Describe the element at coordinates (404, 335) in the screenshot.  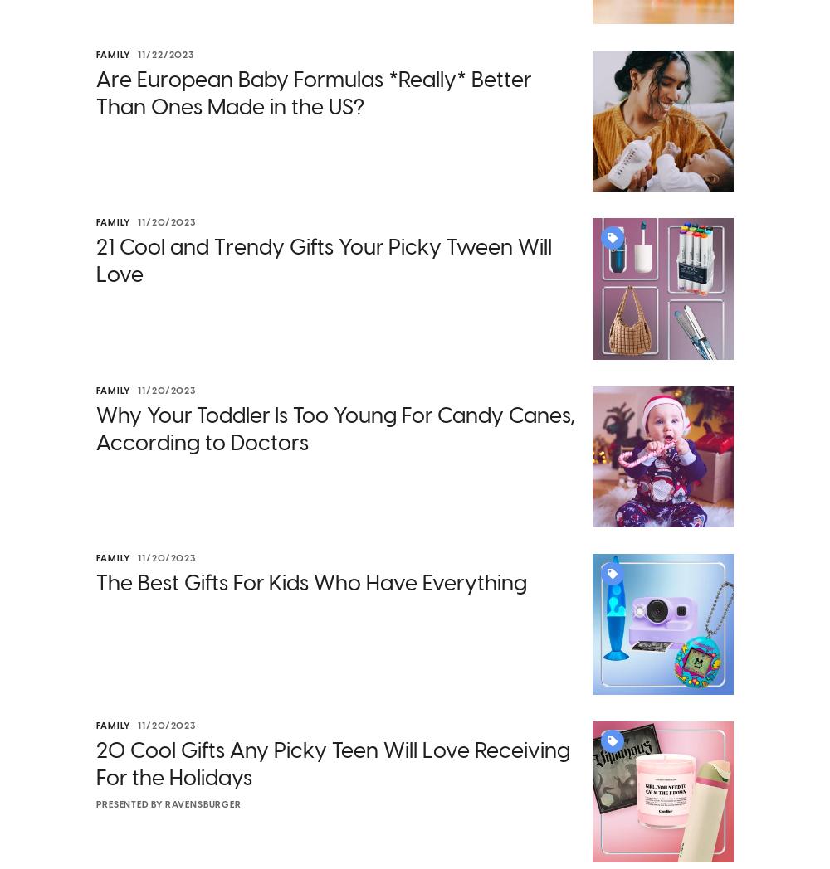
I see `'It raises the question — where do we go from here? These are the complicated yet necessary solutions that experts say need to happen to remedy the childcare situation.'` at that location.